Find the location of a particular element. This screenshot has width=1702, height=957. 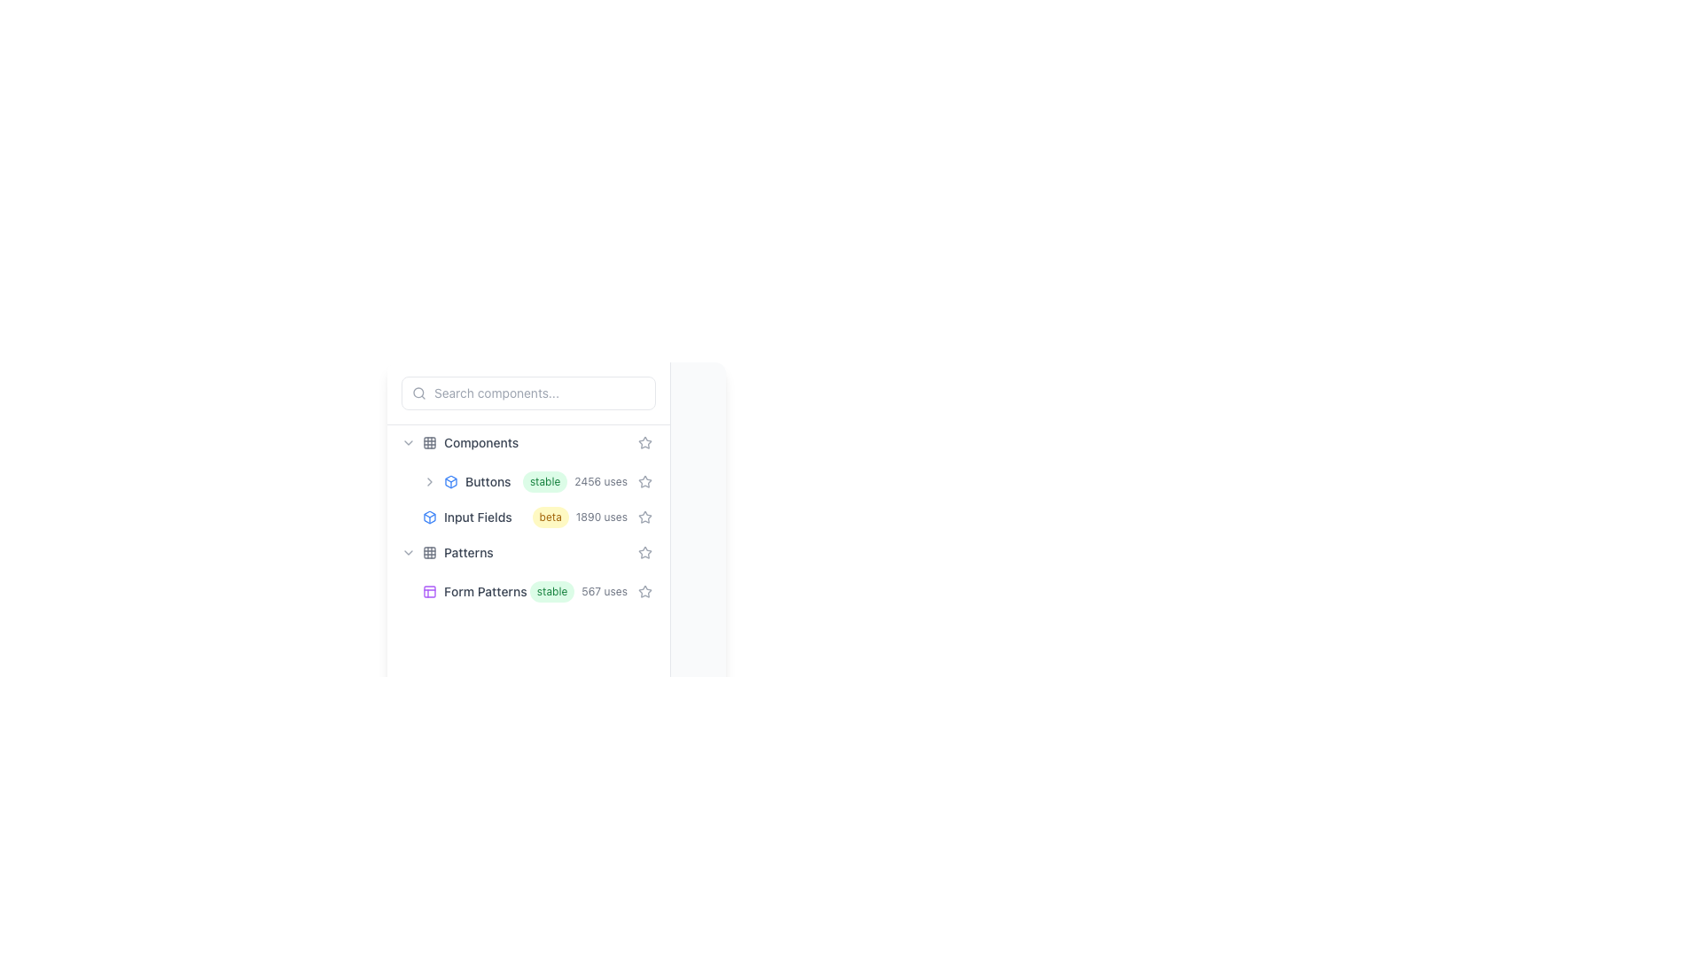

the chevron icon is located at coordinates (407, 552).